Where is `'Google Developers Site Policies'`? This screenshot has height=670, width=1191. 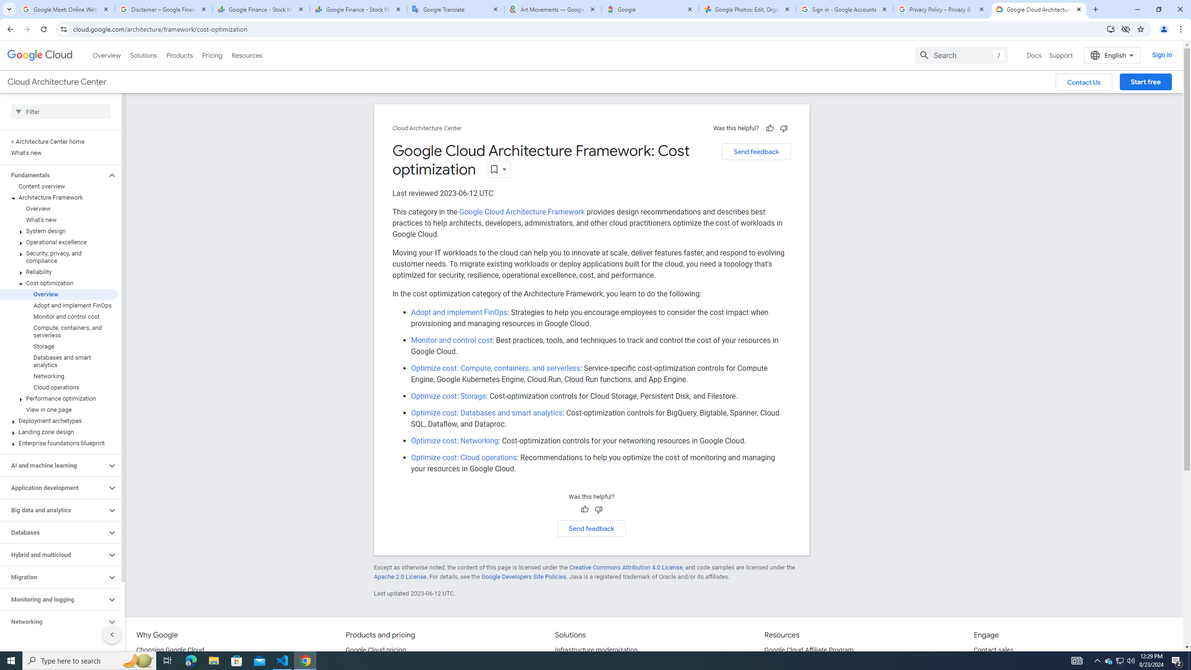 'Google Developers Site Policies' is located at coordinates (523, 576).